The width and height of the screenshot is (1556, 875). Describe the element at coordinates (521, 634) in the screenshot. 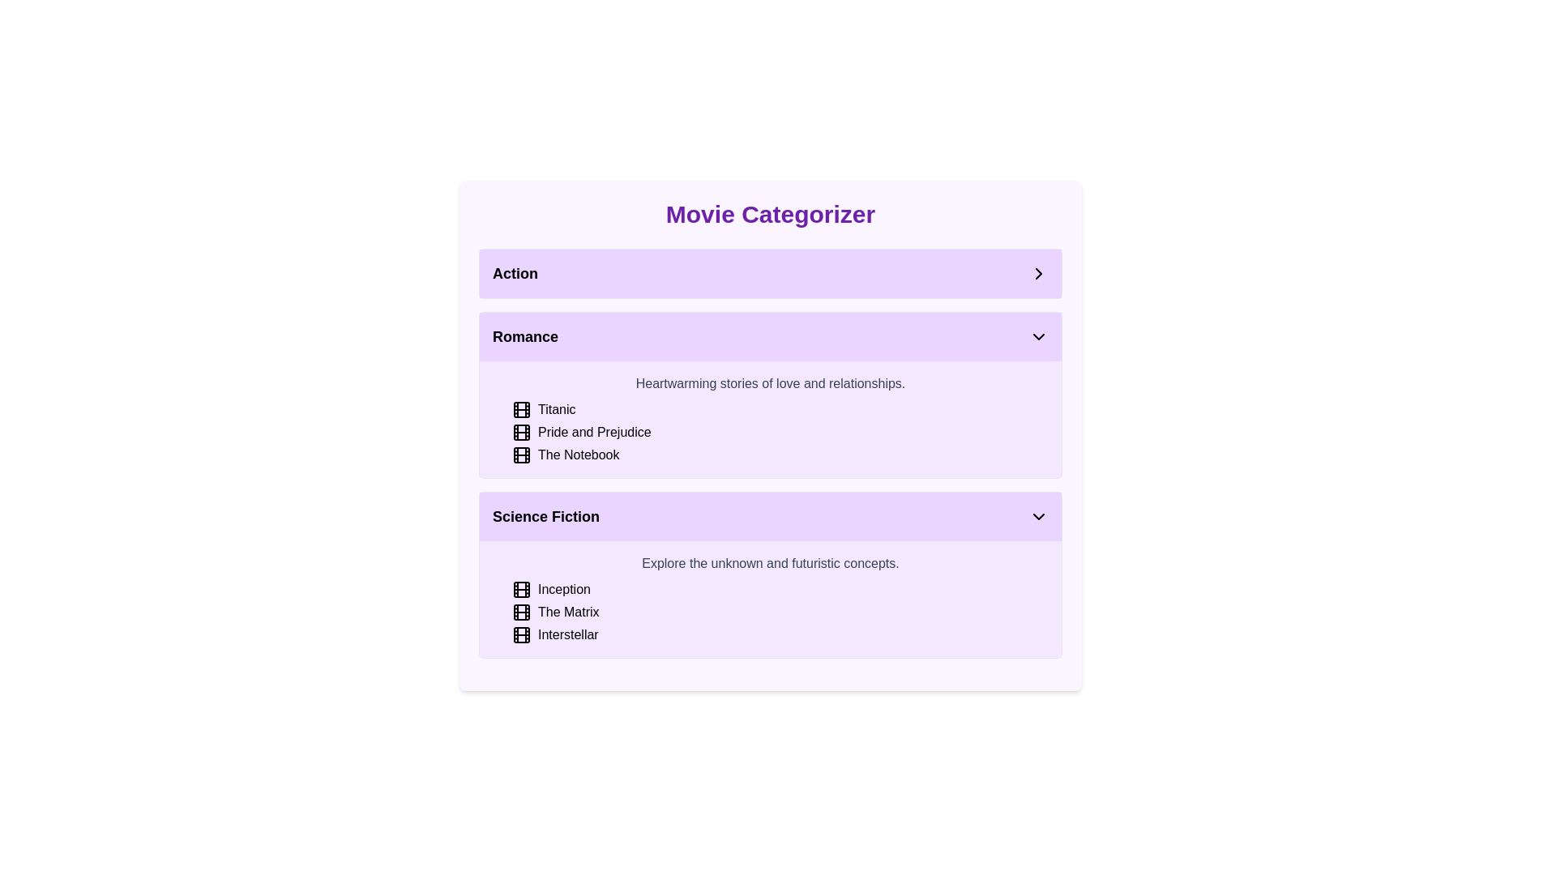

I see `the film icon located to the left of the 'Interstellar' label in the 'Science Fiction' category section of the 'Movie Categorizer' interface` at that location.